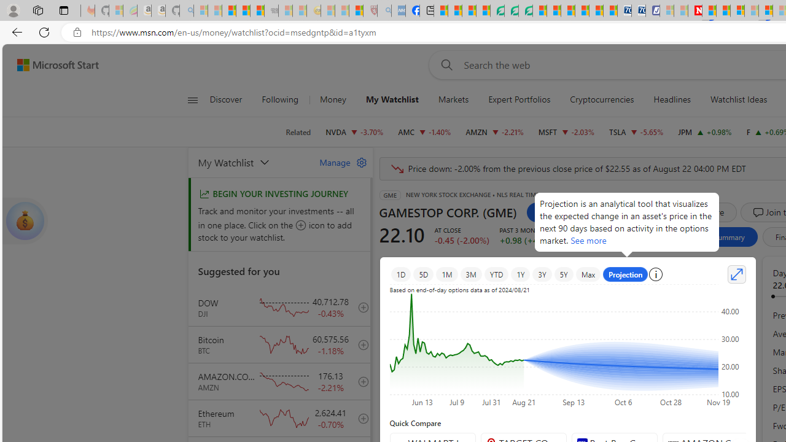 The image size is (786, 442). I want to click on 'Cheap Hotels - Save70.com', so click(639, 10).